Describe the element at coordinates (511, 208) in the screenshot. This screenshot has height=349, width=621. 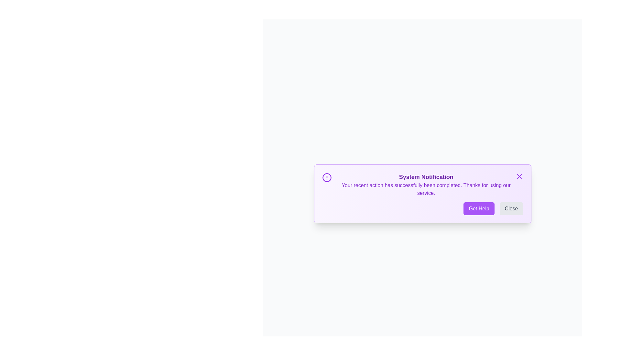
I see `the button labeled 'Close', which has a gray background and is located in the bottom-right corner of the notification dialog box` at that location.